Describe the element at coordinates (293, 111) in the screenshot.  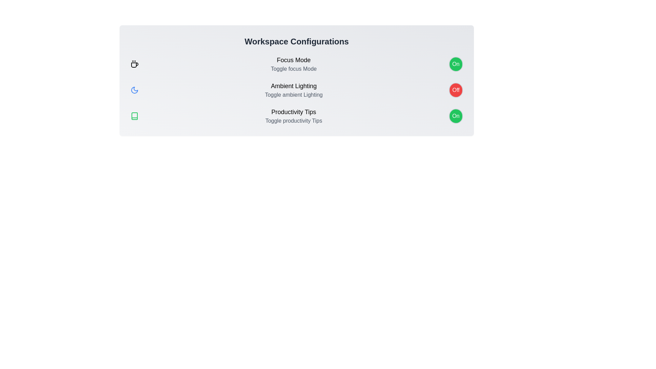
I see `the text of Productivity Tips` at that location.